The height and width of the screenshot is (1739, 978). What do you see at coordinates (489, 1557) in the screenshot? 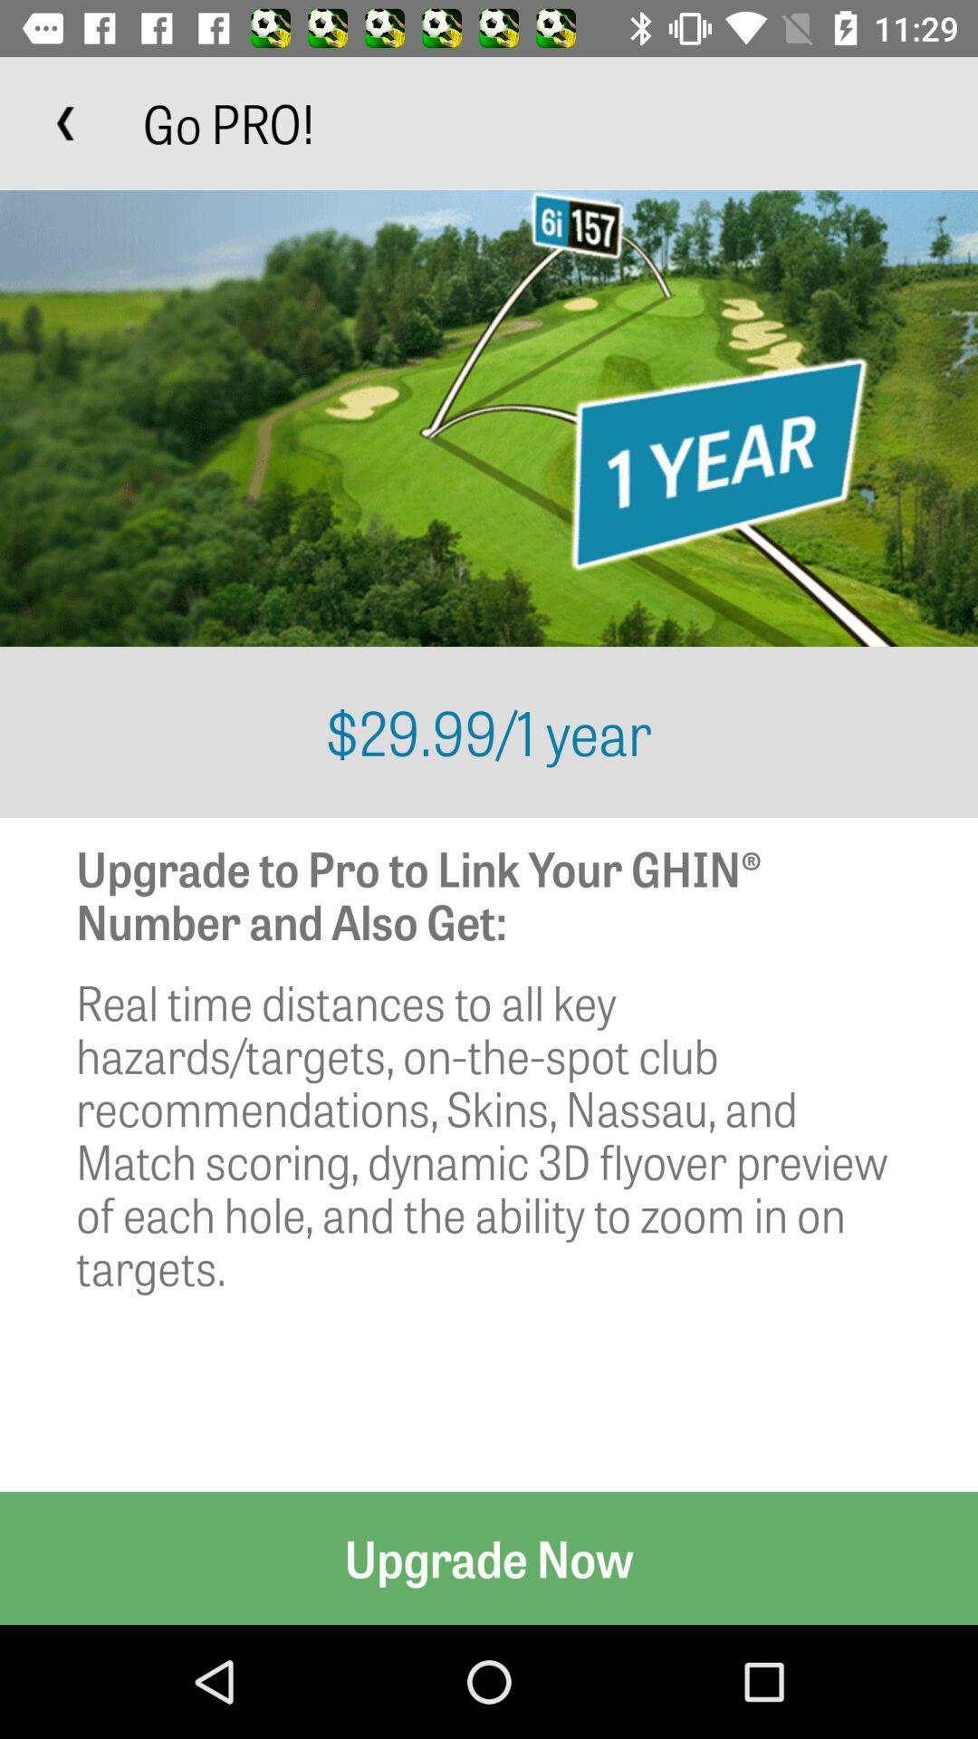
I see `the upgrade now icon` at bounding box center [489, 1557].